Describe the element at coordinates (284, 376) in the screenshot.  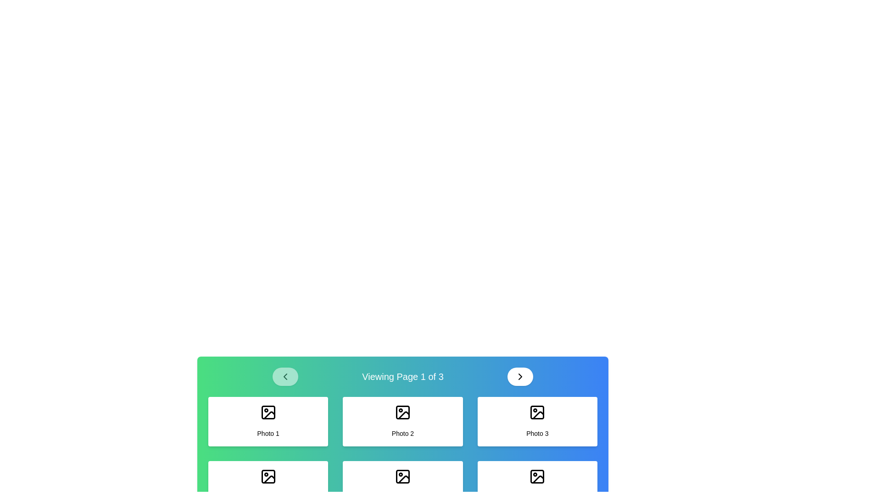
I see `the chevron icon in the left navigation button of the pagination area, which allows users to navigate to the previous page or section` at that location.